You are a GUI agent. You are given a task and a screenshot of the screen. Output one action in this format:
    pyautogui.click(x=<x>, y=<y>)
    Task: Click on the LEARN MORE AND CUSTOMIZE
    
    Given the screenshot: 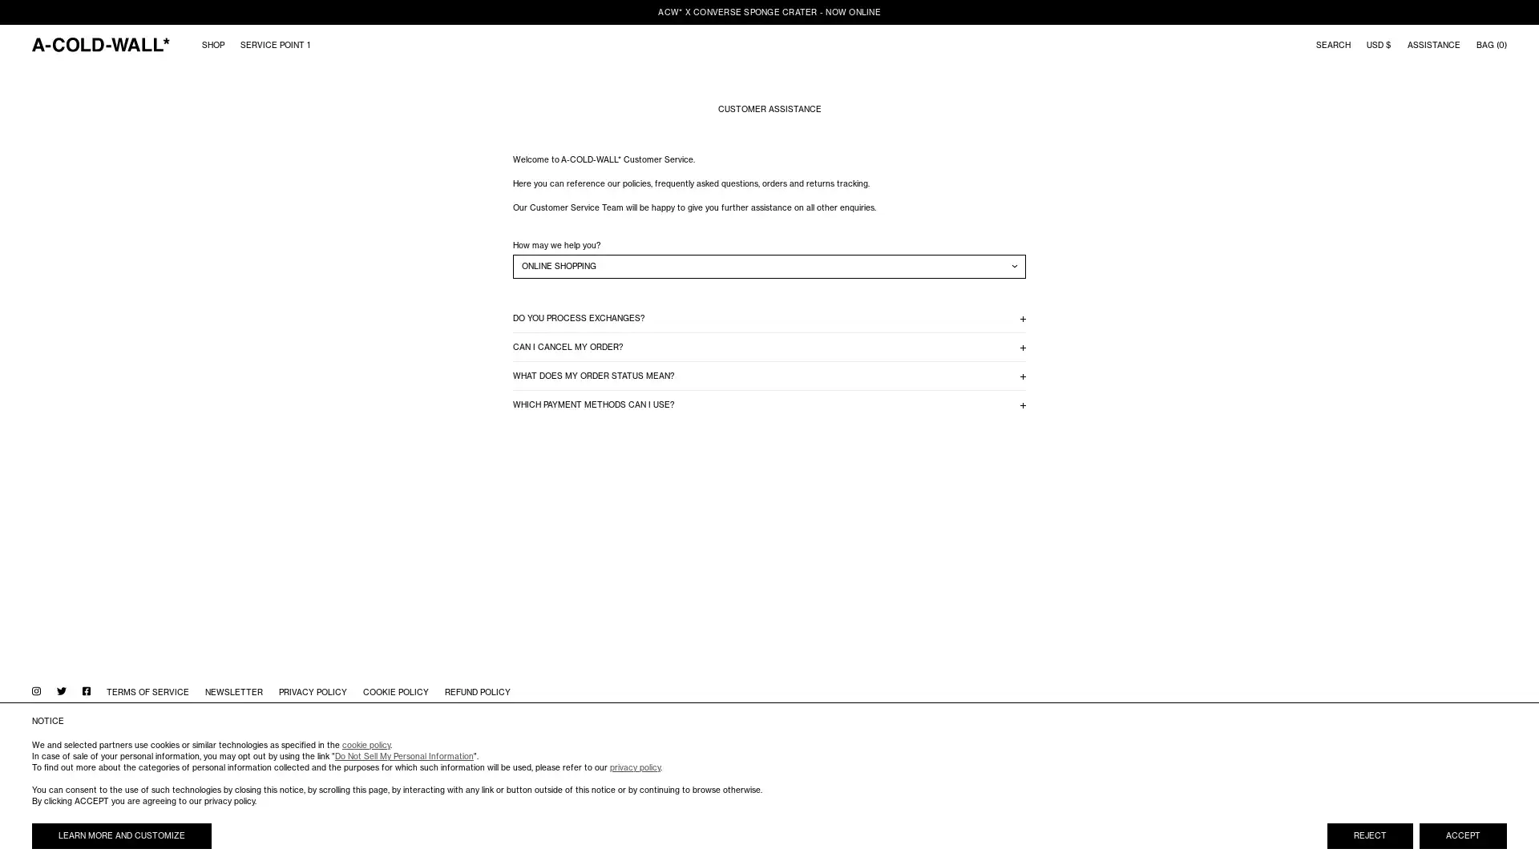 What is the action you would take?
    pyautogui.click(x=121, y=835)
    